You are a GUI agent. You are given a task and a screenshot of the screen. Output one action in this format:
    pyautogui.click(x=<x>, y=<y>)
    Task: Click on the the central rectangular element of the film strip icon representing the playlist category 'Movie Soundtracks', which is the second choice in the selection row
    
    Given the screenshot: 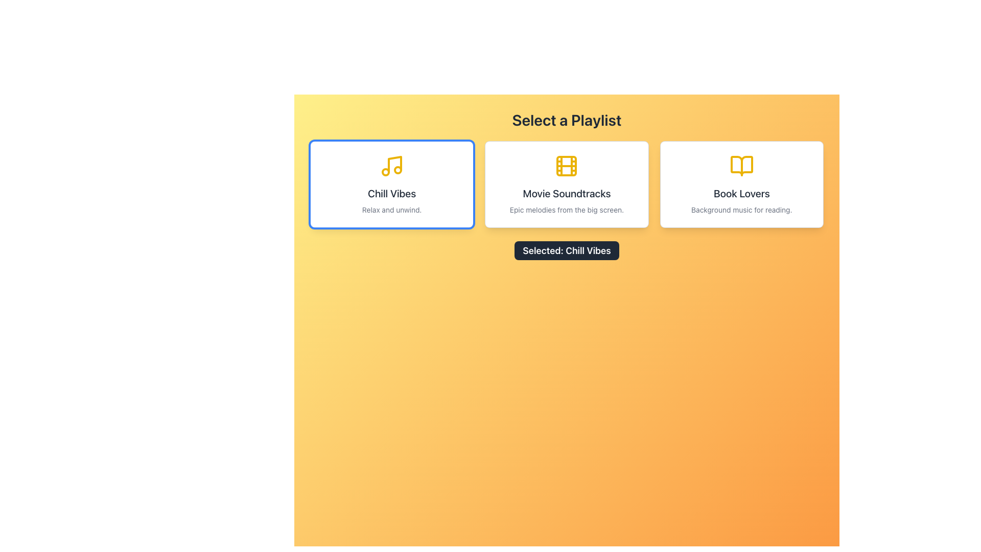 What is the action you would take?
    pyautogui.click(x=566, y=165)
    